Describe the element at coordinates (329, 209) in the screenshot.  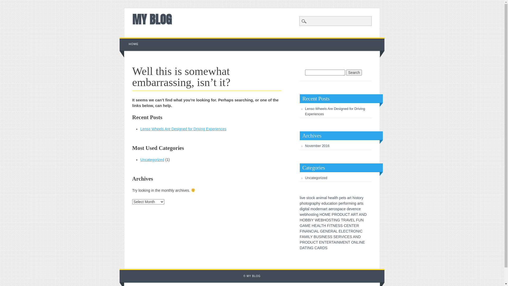
I see `'a'` at that location.